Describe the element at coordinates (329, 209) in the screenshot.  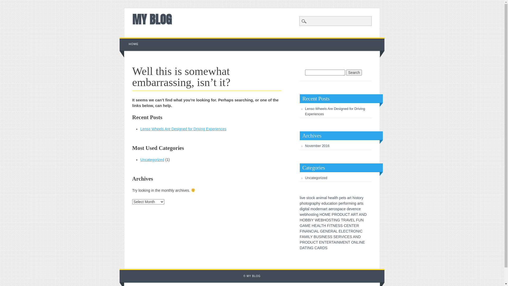
I see `'a'` at that location.